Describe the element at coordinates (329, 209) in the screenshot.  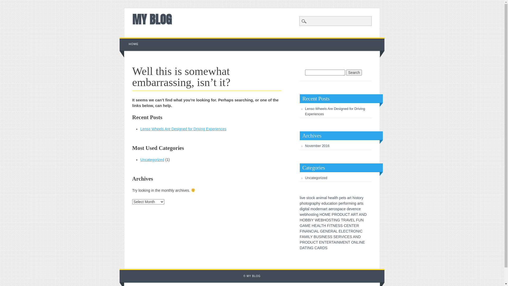
I see `'a'` at that location.